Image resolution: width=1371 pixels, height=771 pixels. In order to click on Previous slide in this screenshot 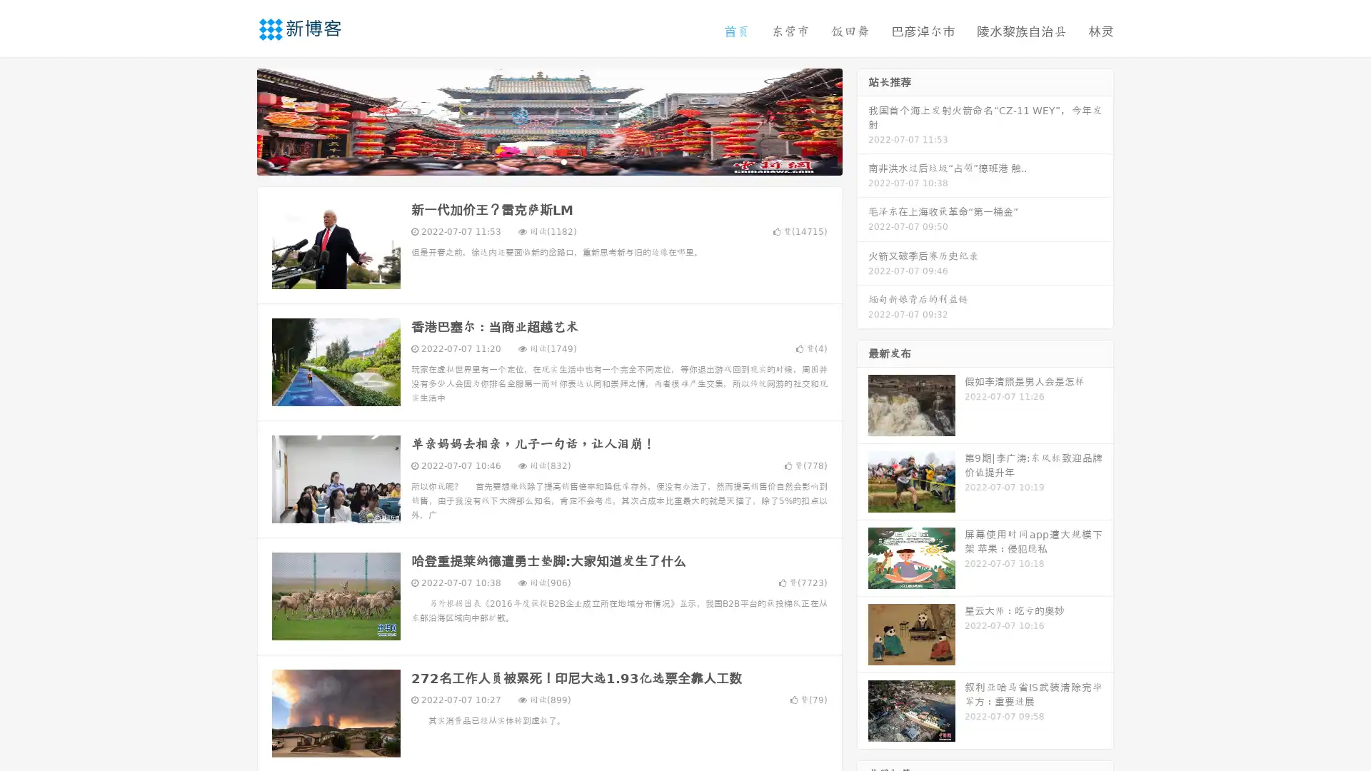, I will do `click(236, 120)`.